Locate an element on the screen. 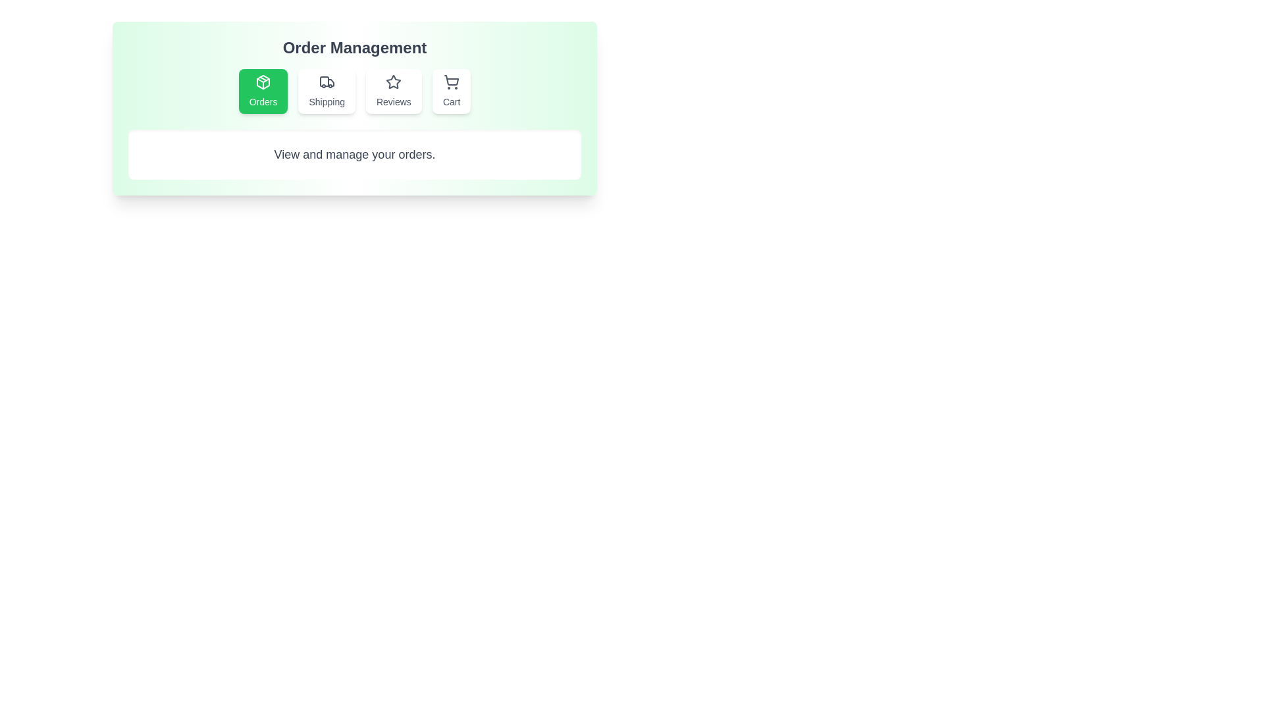  the star icon representing the 'Reviews' section, which has a thin black outline and no fill, located between the 'Shipping' and 'Cart' icons is located at coordinates (393, 82).